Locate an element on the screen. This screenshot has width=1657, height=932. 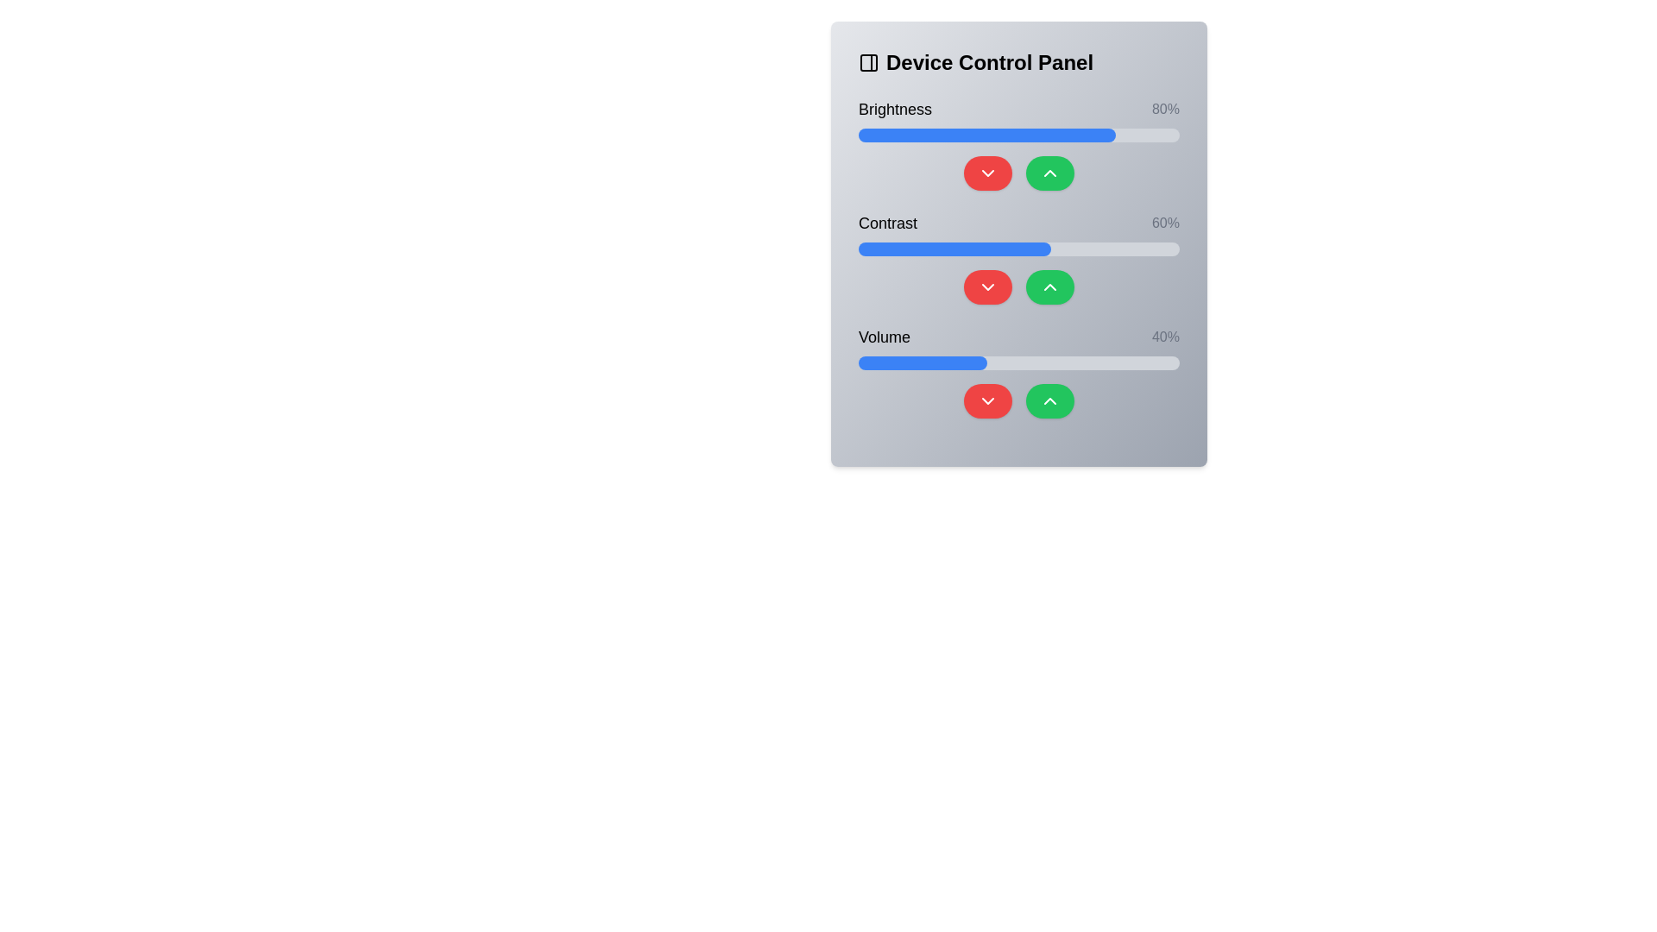
the progress of the slider is located at coordinates (980, 362).